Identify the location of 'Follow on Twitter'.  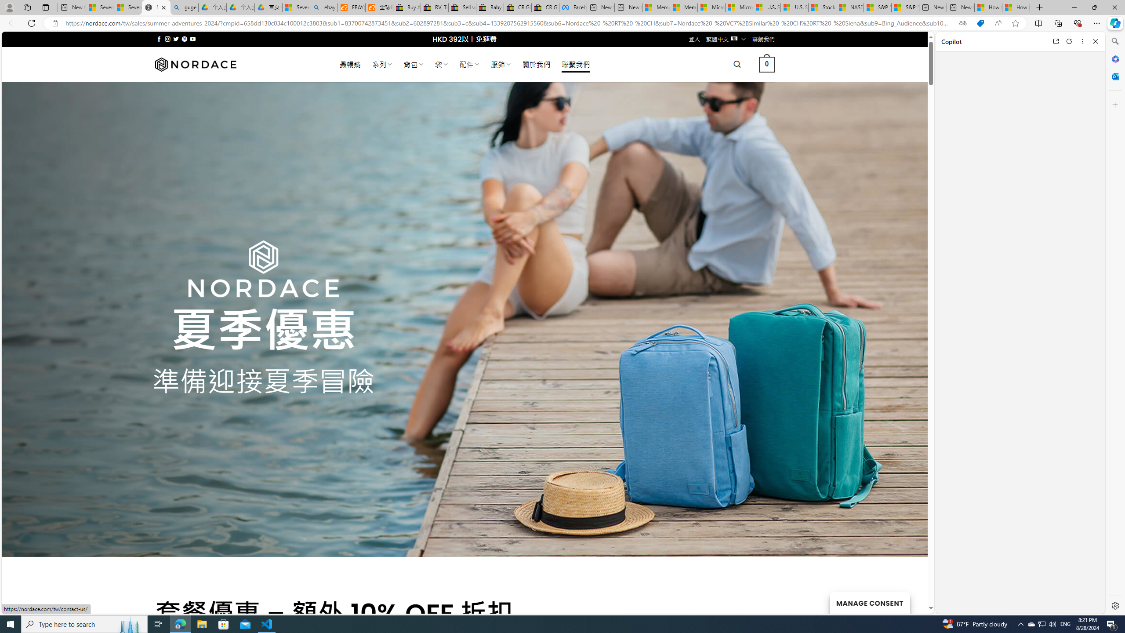
(175, 39).